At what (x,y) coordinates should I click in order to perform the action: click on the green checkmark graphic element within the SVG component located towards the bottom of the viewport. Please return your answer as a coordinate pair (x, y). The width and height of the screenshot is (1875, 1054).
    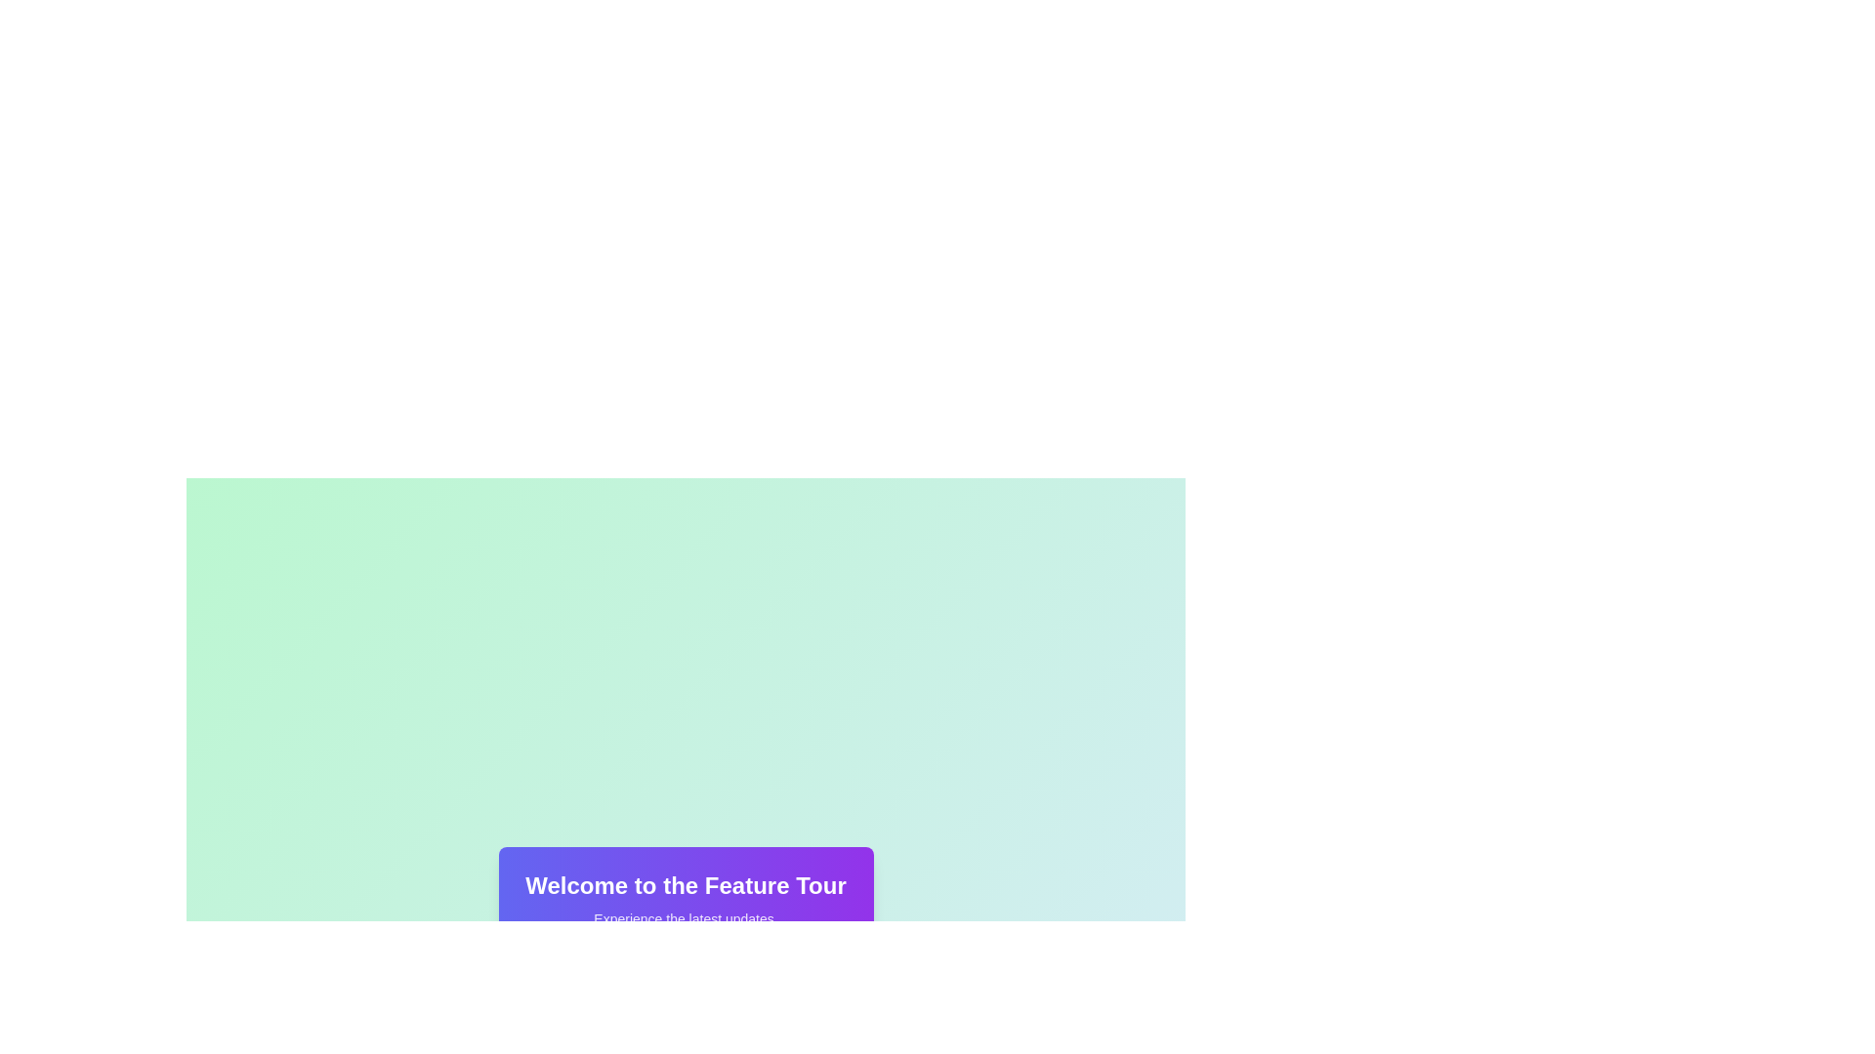
    Looking at the image, I should click on (537, 1045).